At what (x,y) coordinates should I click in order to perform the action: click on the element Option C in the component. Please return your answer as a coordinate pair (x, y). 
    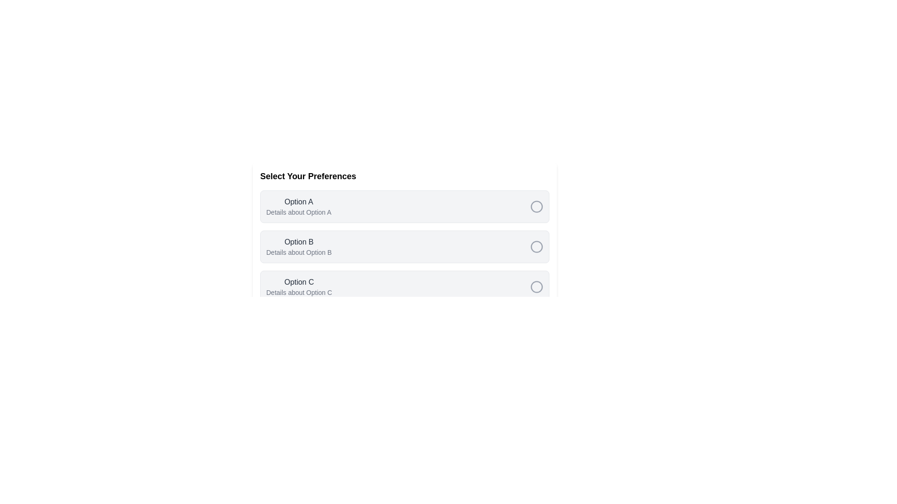
    Looking at the image, I should click on (299, 286).